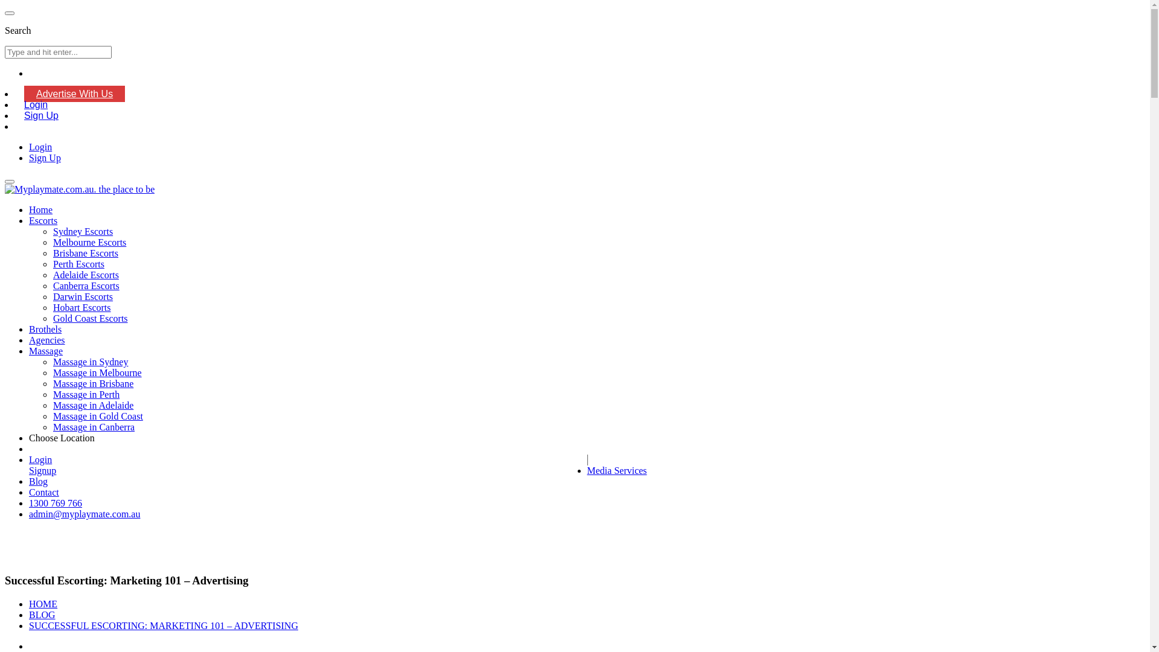  What do you see at coordinates (45, 329) in the screenshot?
I see `'Brothels'` at bounding box center [45, 329].